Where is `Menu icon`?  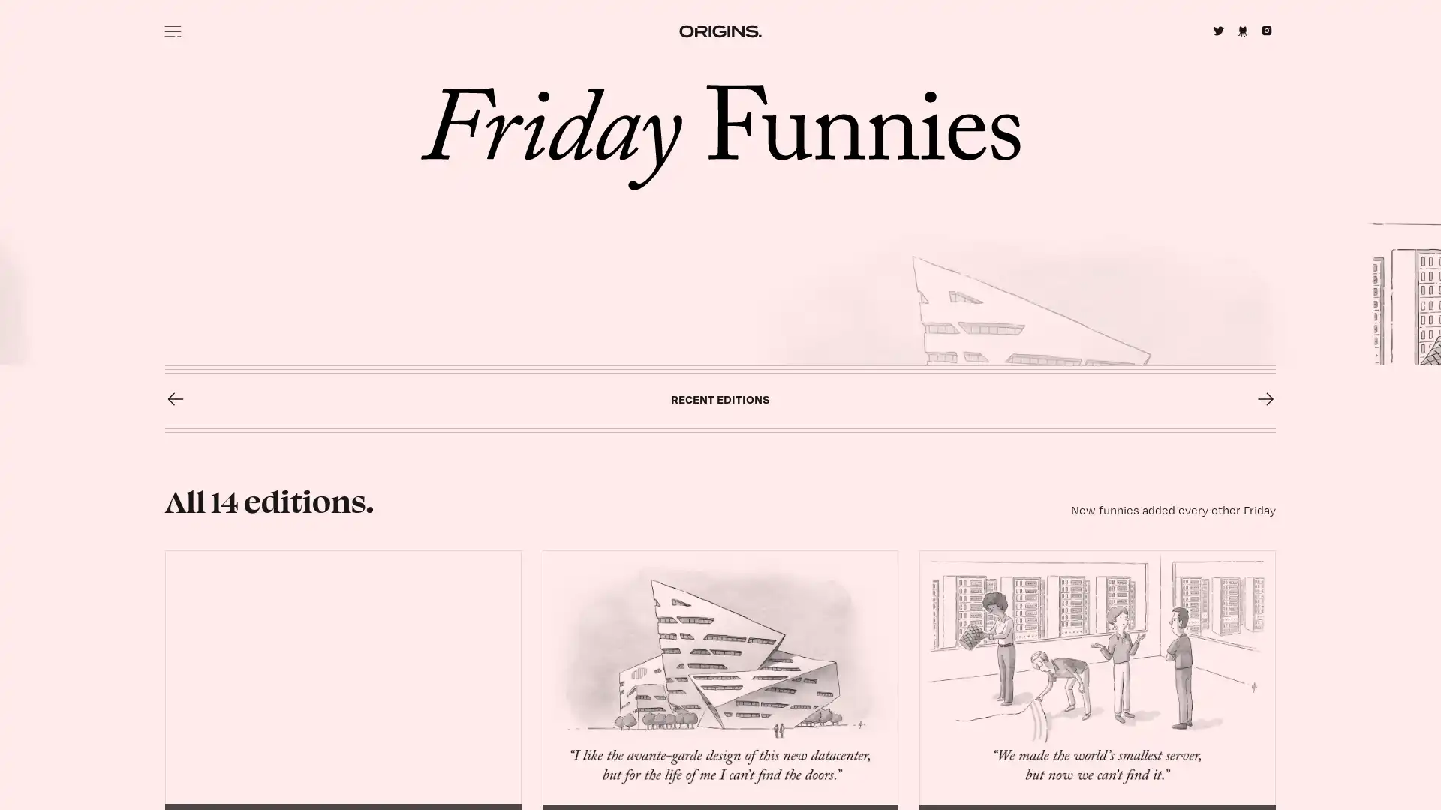
Menu icon is located at coordinates (173, 31).